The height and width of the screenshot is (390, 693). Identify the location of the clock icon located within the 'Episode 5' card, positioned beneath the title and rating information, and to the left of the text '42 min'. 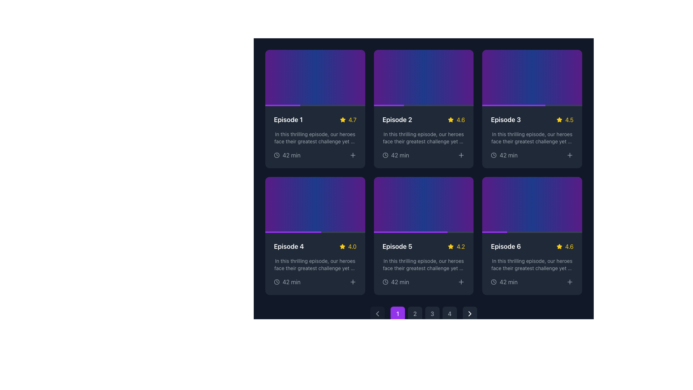
(385, 282).